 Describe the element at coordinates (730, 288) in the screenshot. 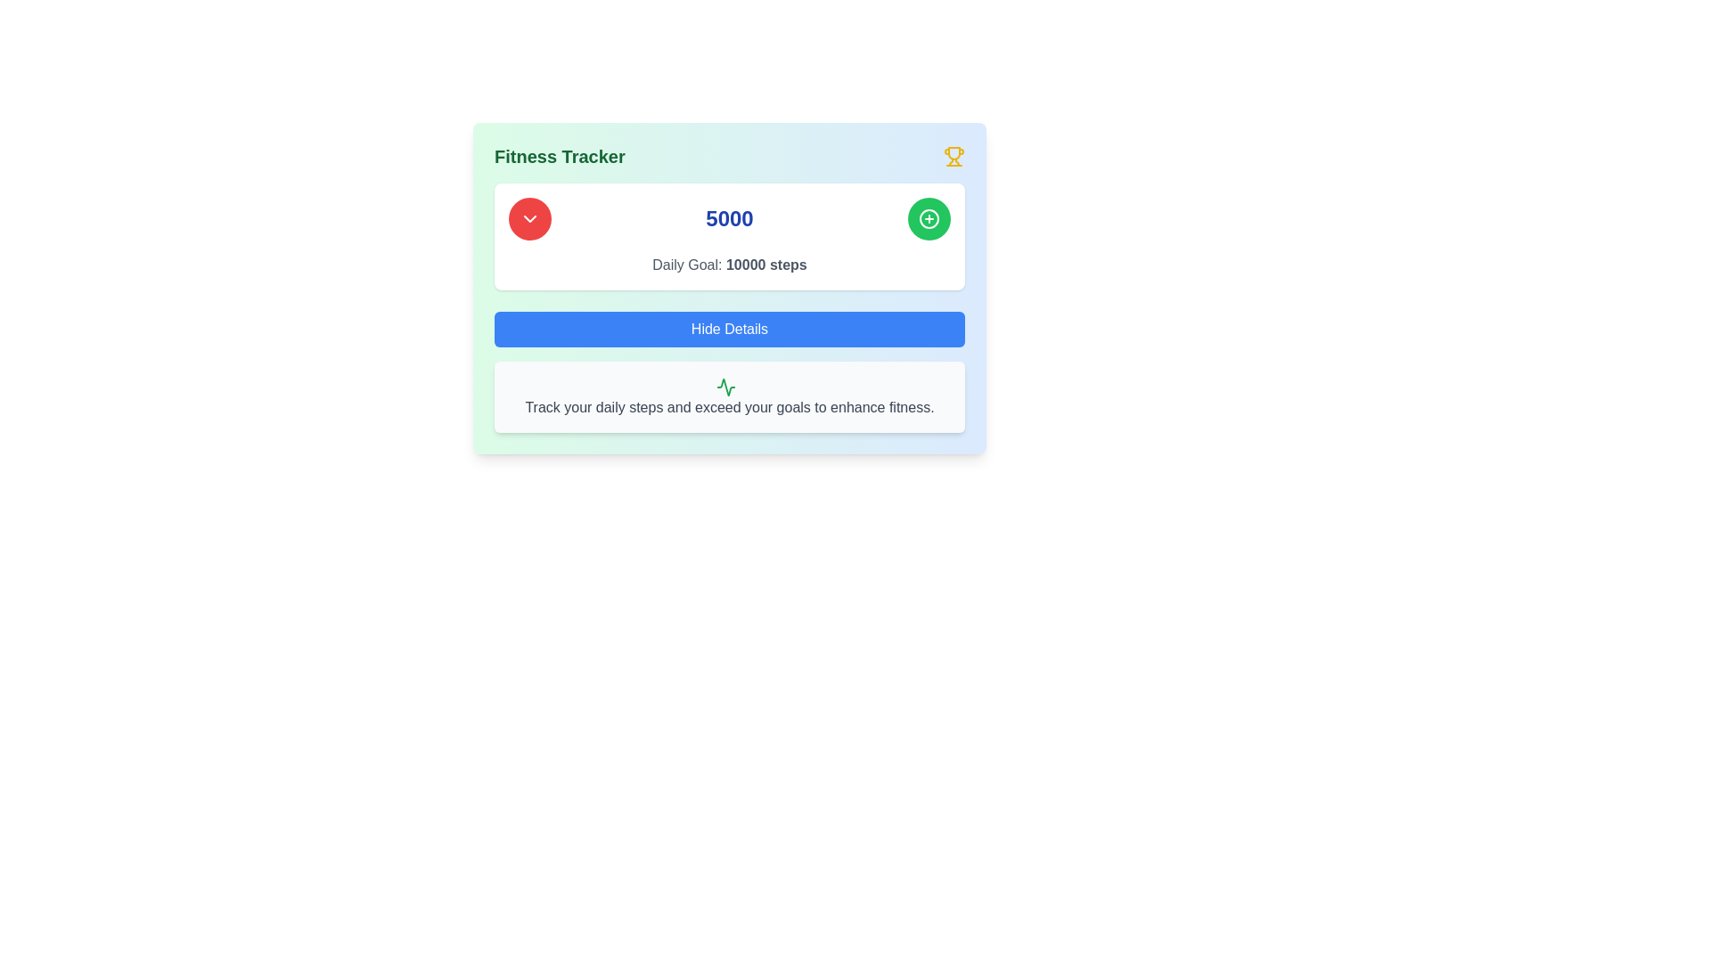

I see `the rectangular section with a gradient background that contains interactive components and informational text about a fitness tracker` at that location.